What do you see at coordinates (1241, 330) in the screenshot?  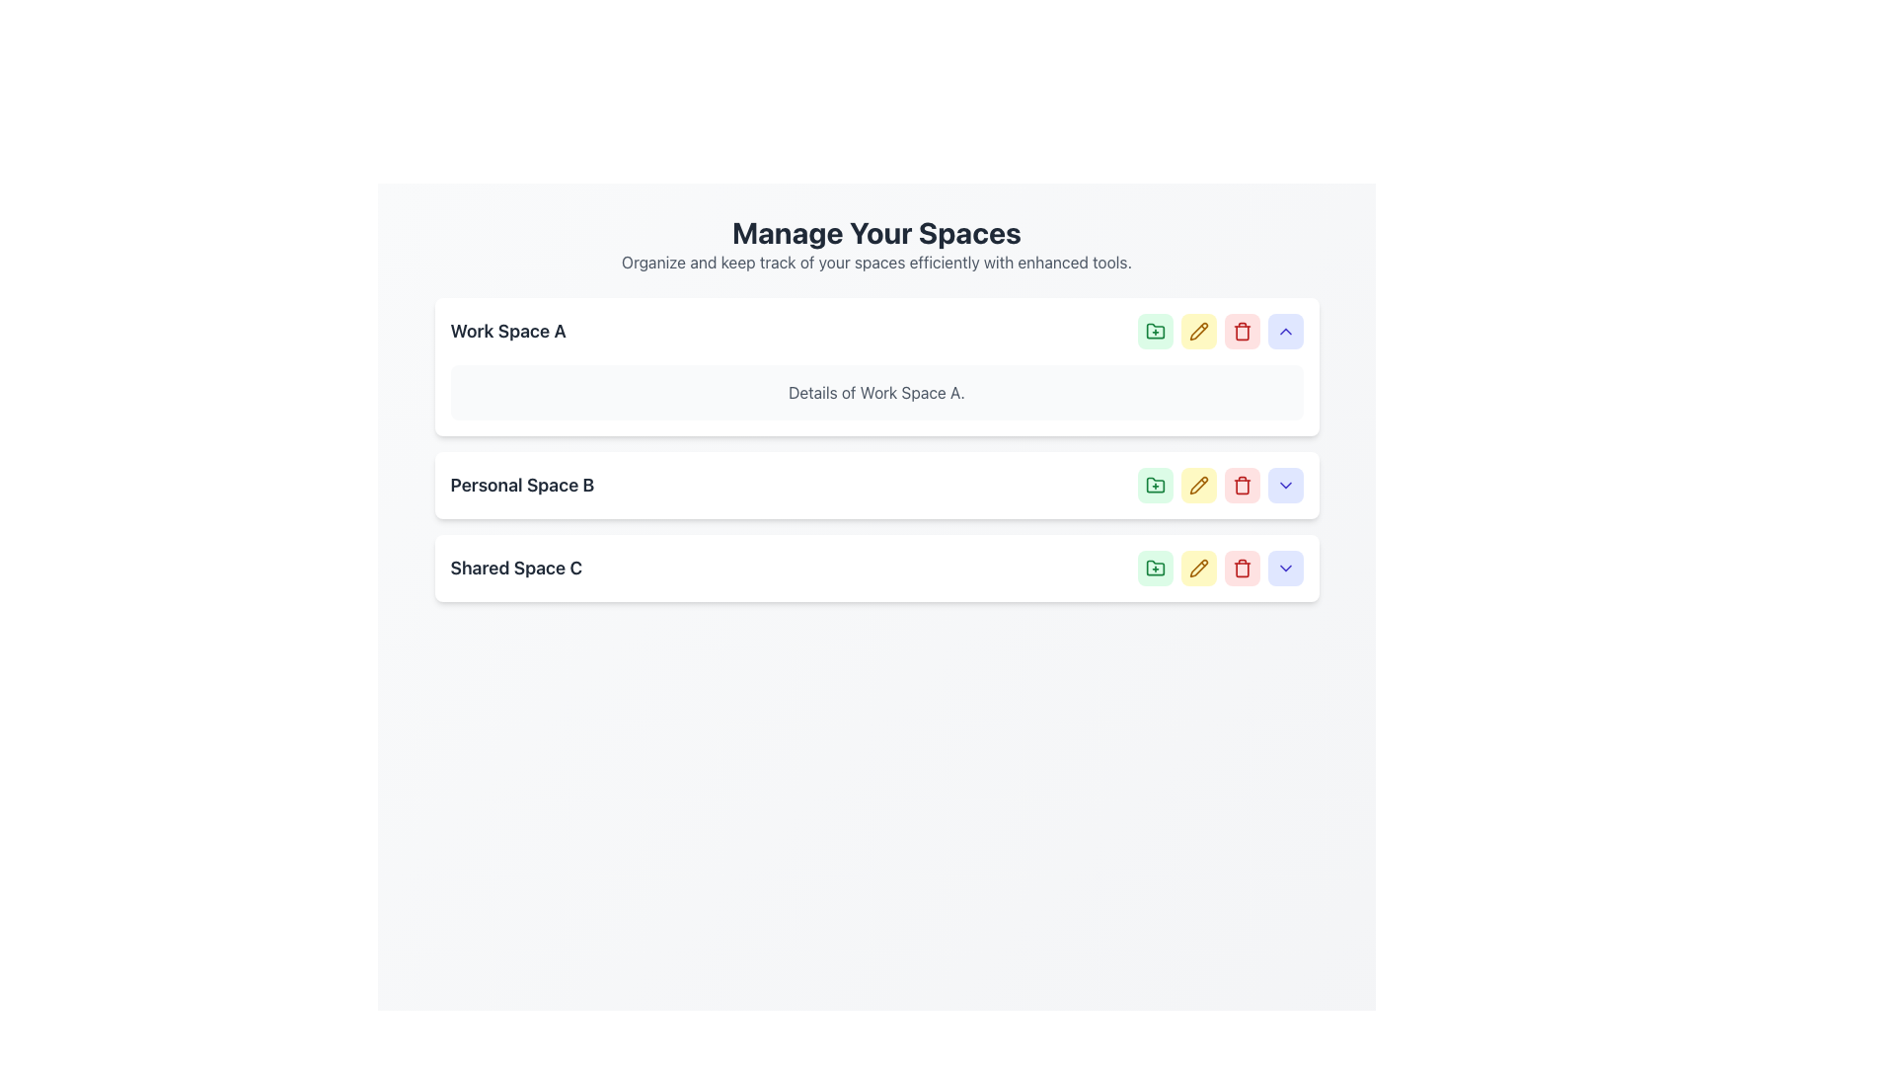 I see `the Trash Bin icon, which represents the 'Delete space' action, located as the third button in the action set of the first workspace section, adjacent to the edit button and below the collapse button` at bounding box center [1241, 330].